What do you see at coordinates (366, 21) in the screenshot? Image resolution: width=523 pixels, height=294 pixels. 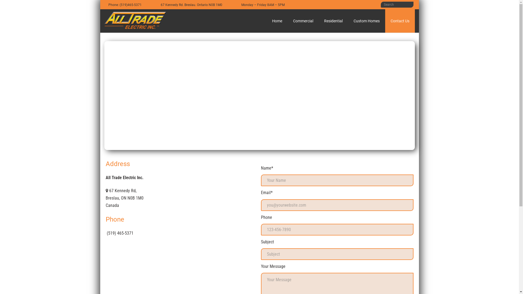 I see `'Custom Homes'` at bounding box center [366, 21].